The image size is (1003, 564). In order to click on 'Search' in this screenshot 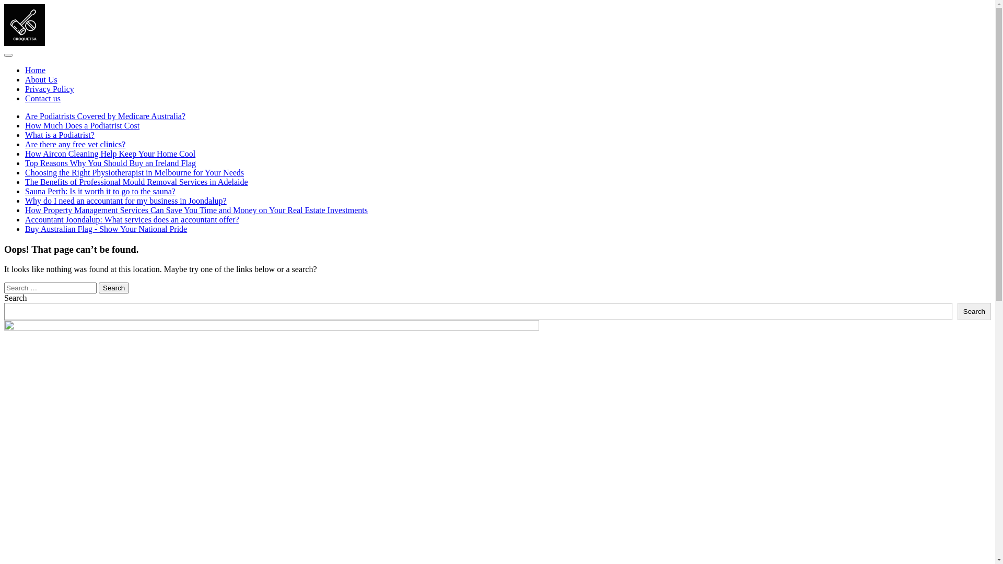, I will do `click(974, 311)`.